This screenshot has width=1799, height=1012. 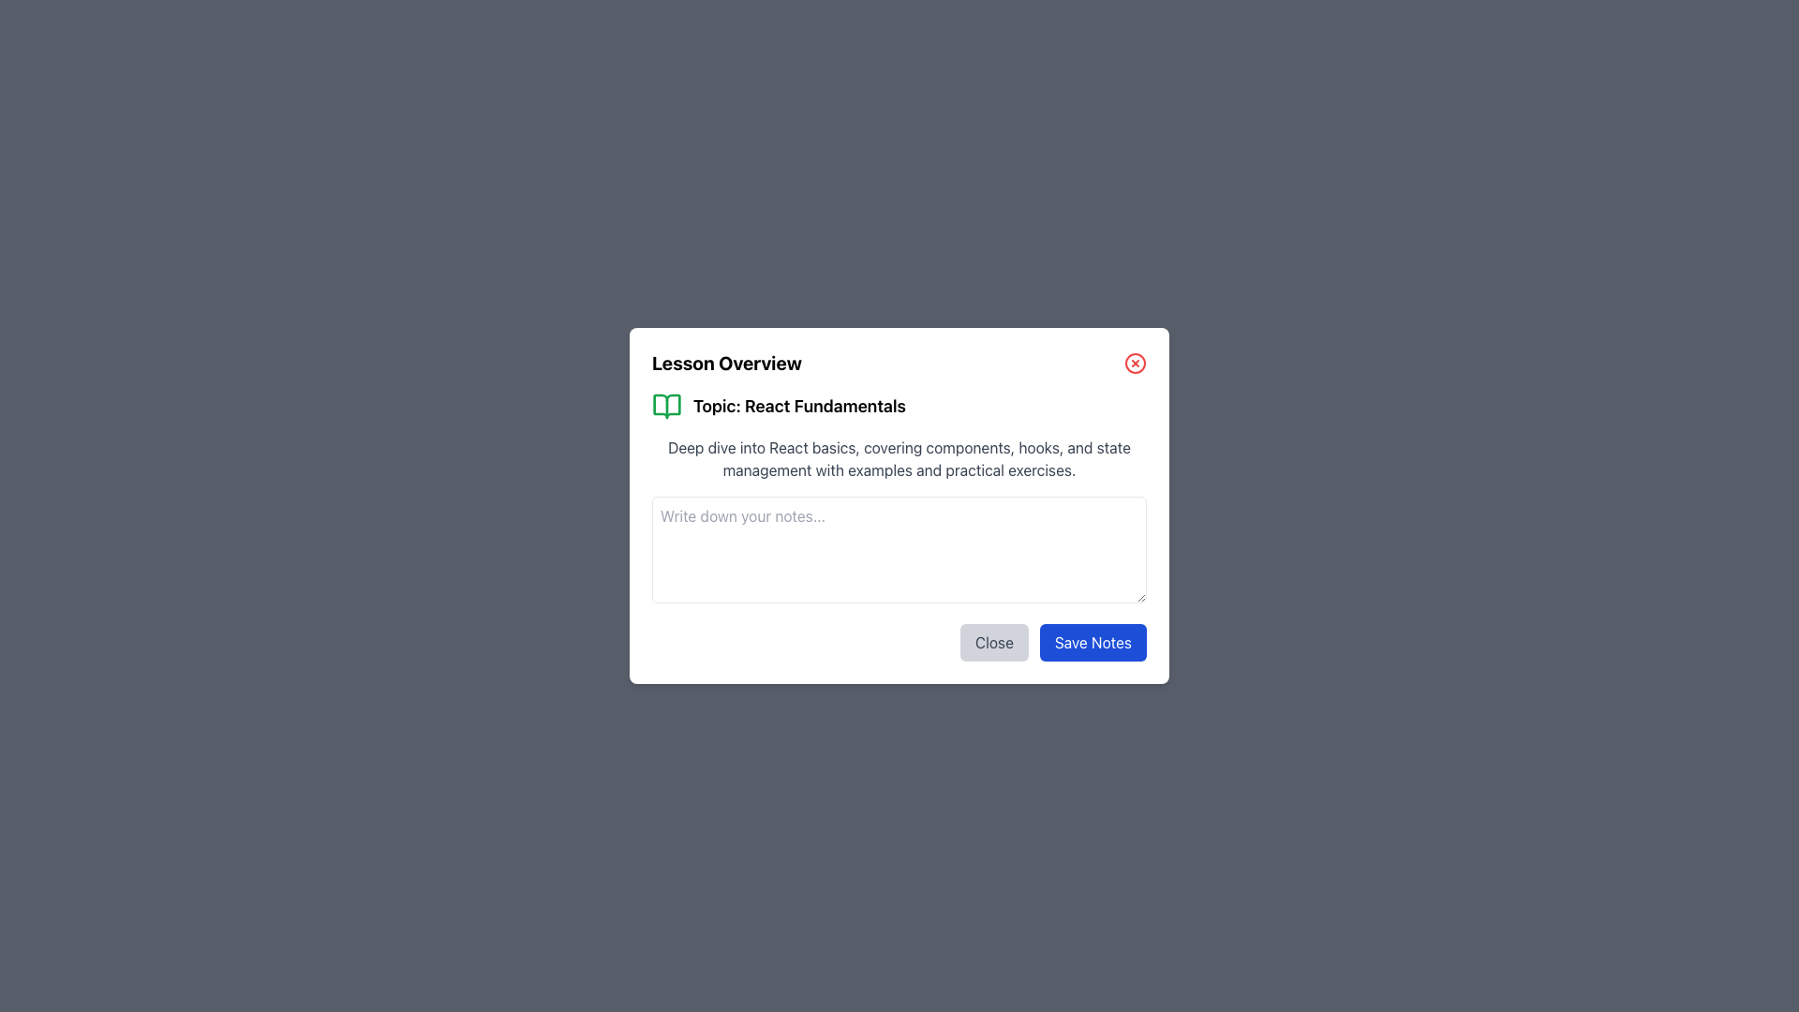 What do you see at coordinates (1134, 364) in the screenshot?
I see `the close button located at the top-right corner of the modal window, which serves as a graphical indicator for closing the modal when interacted with` at bounding box center [1134, 364].